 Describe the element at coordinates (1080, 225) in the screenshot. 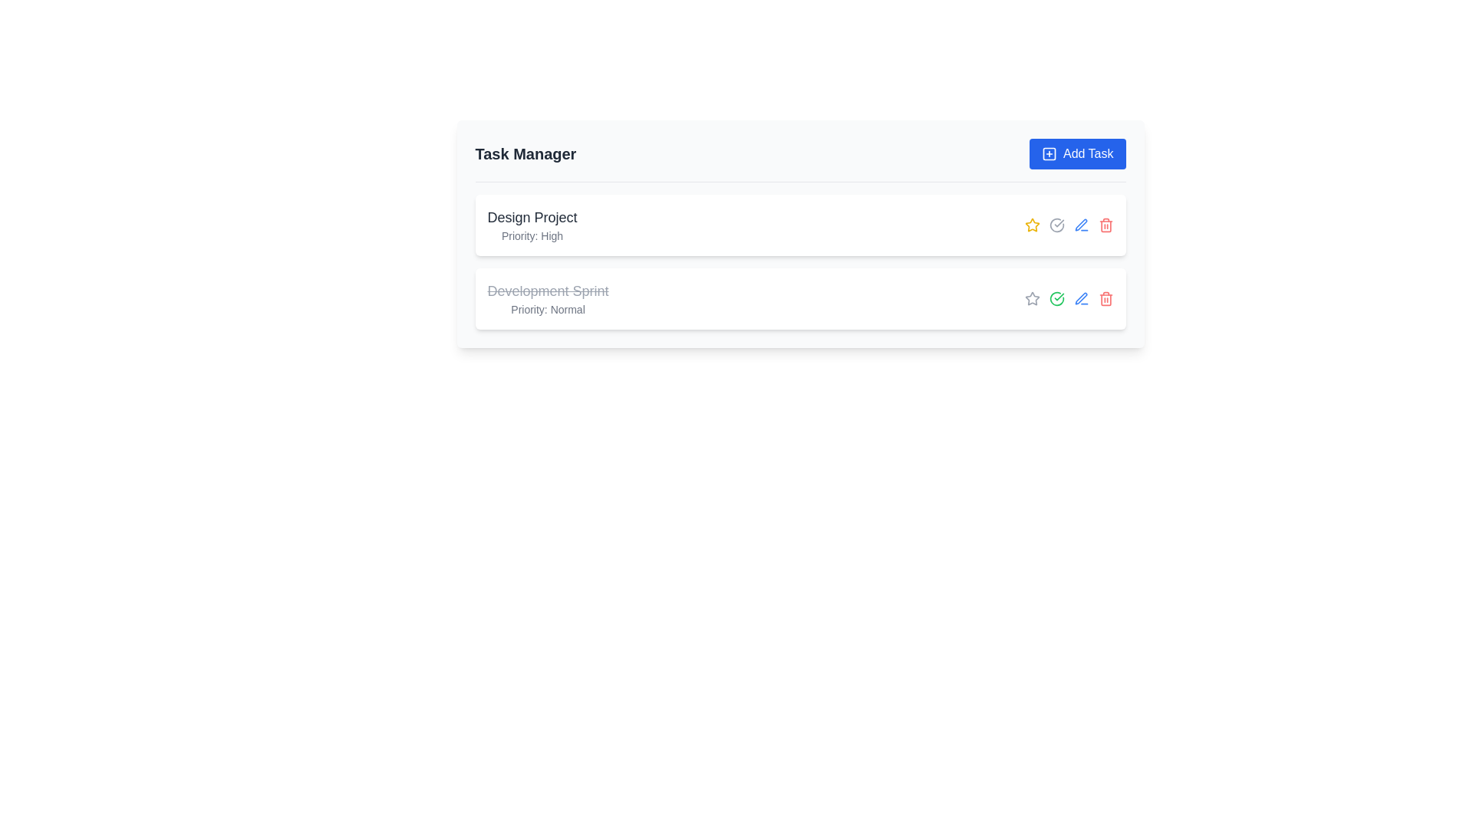

I see `the edit icon located in the upper row of the task list, specifically the third icon to the right of the 'Design Project' task details` at that location.